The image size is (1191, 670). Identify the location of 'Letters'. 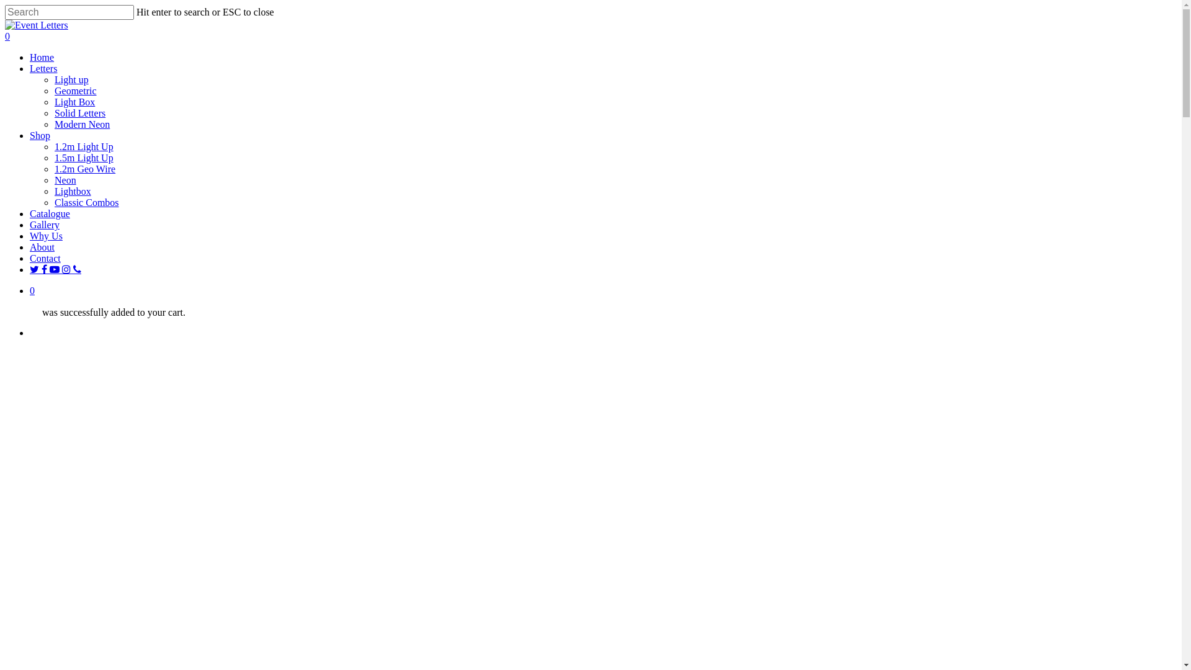
(43, 68).